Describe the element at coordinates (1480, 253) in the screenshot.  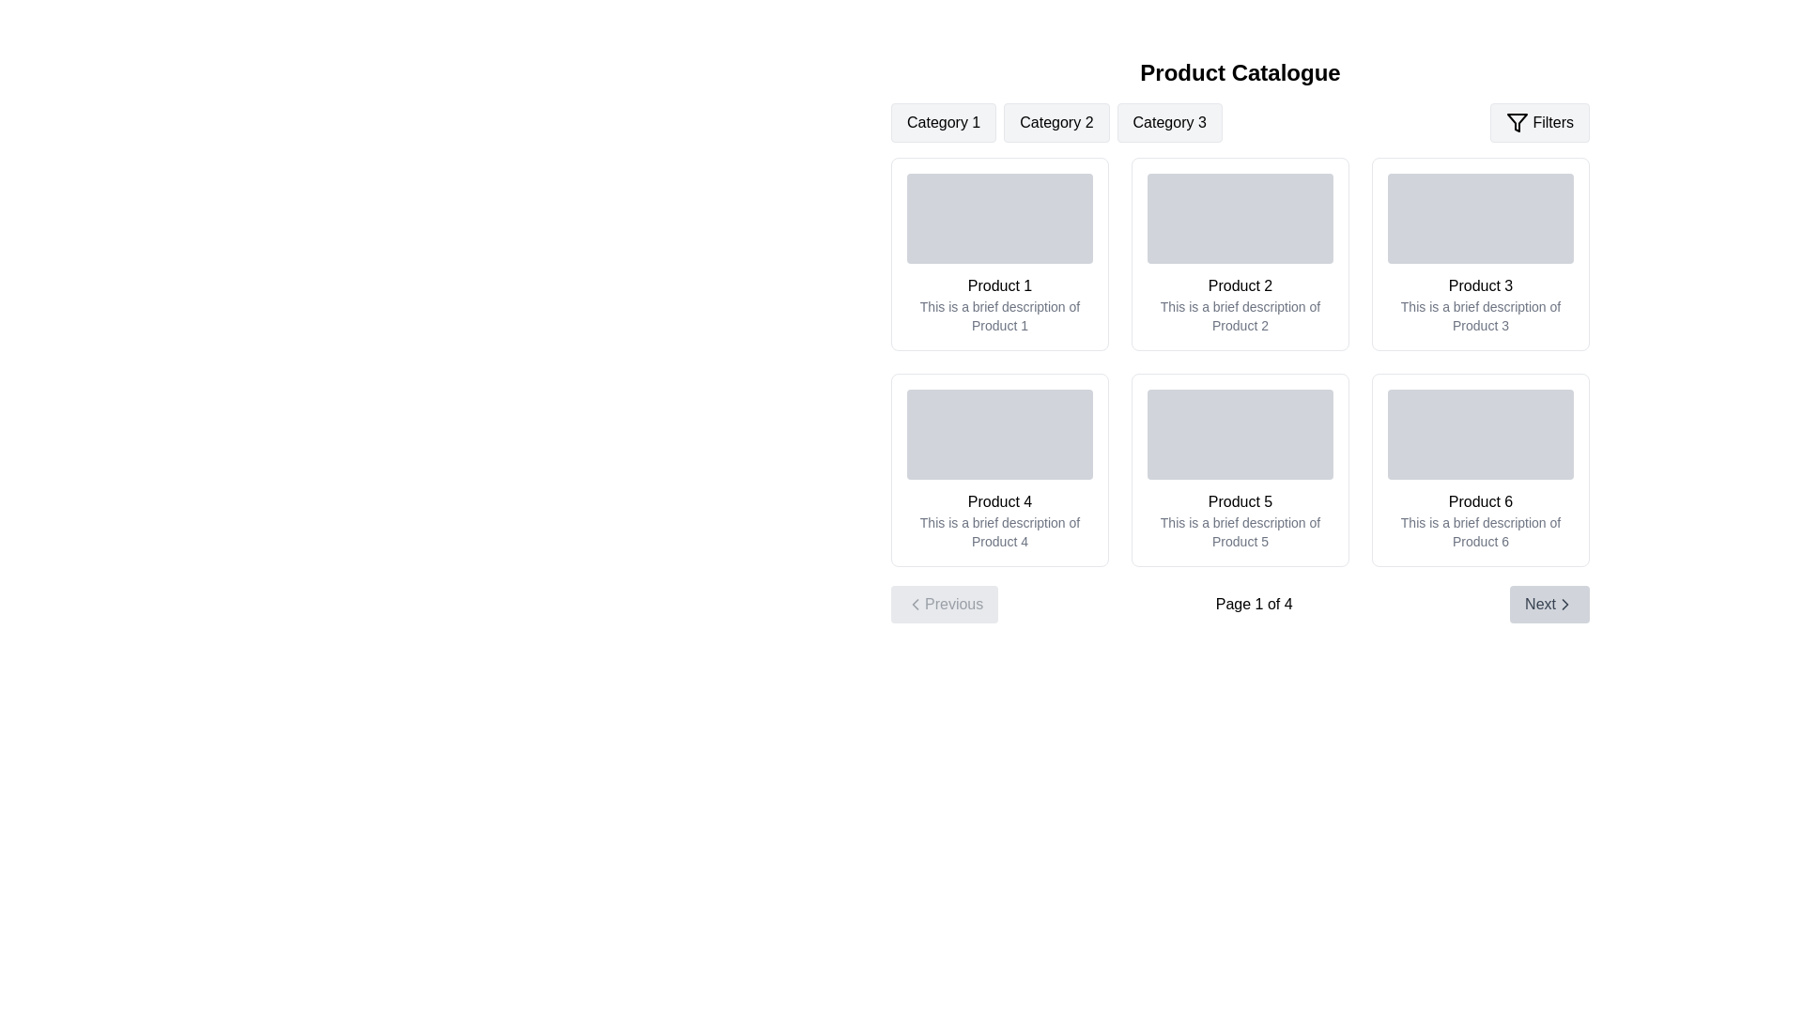
I see `the third card labeled 'Product 3' in the grid layout, which has a white background, rounded corners, and displays a brief description below the title` at that location.